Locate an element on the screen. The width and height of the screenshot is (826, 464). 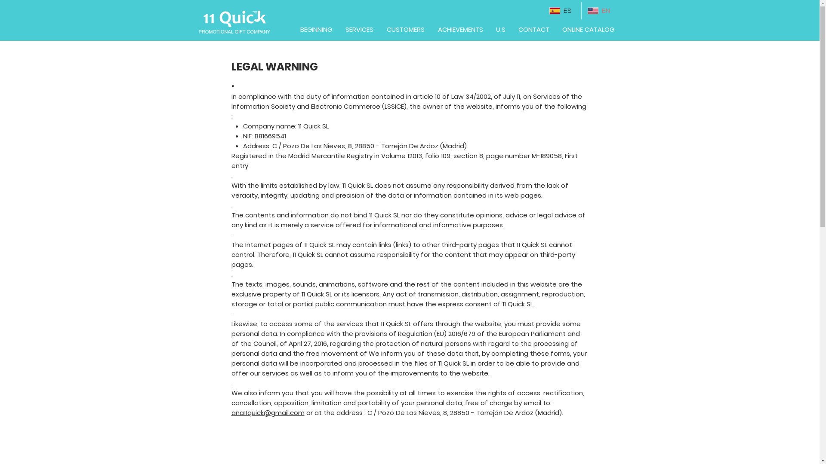
'ACHIEVEMENTS' is located at coordinates (431, 29).